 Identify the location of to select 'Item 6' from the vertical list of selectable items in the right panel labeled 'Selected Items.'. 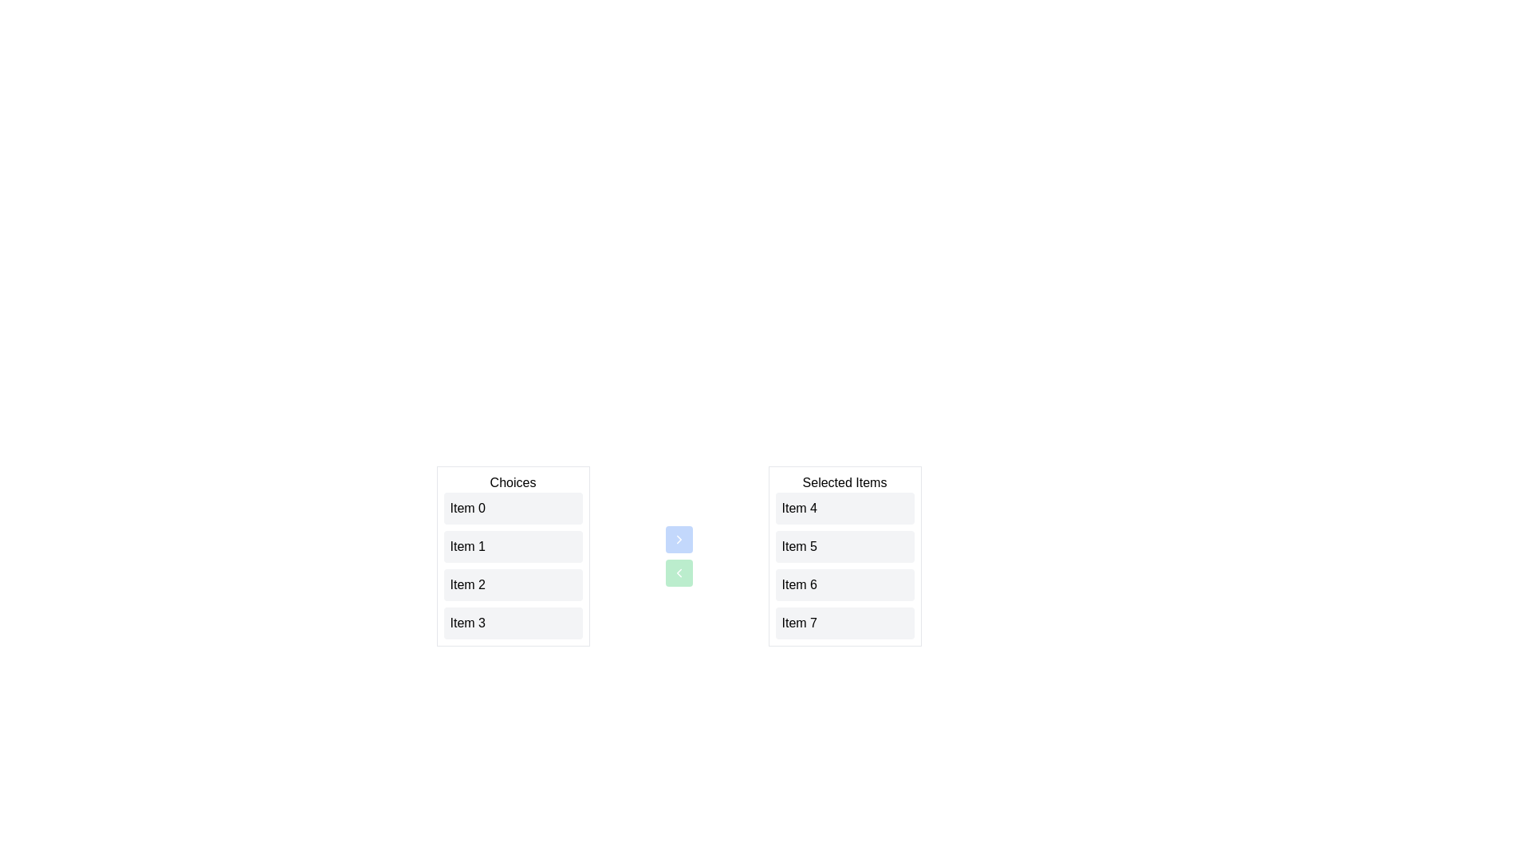
(844, 584).